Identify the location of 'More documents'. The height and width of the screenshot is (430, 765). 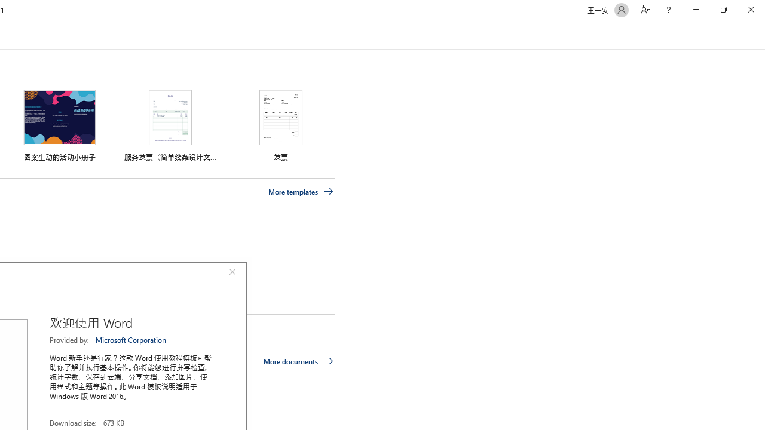
(298, 360).